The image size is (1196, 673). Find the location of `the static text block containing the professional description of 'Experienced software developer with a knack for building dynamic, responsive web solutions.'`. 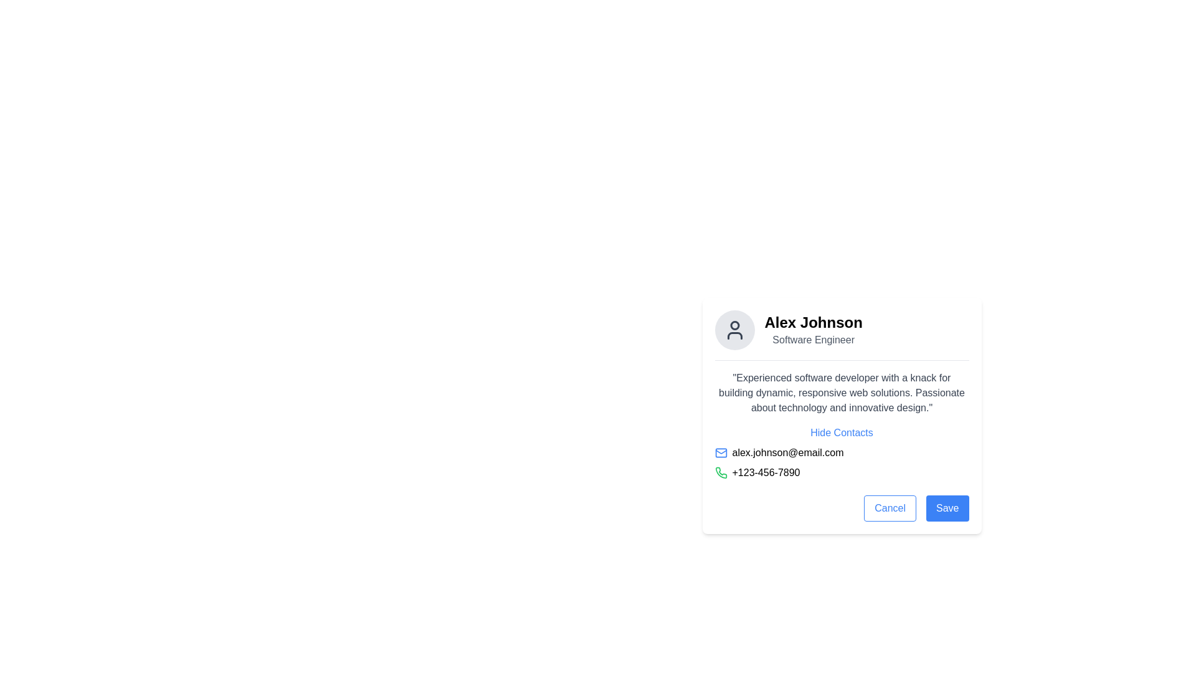

the static text block containing the professional description of 'Experienced software developer with a knack for building dynamic, responsive web solutions.' is located at coordinates (842, 393).